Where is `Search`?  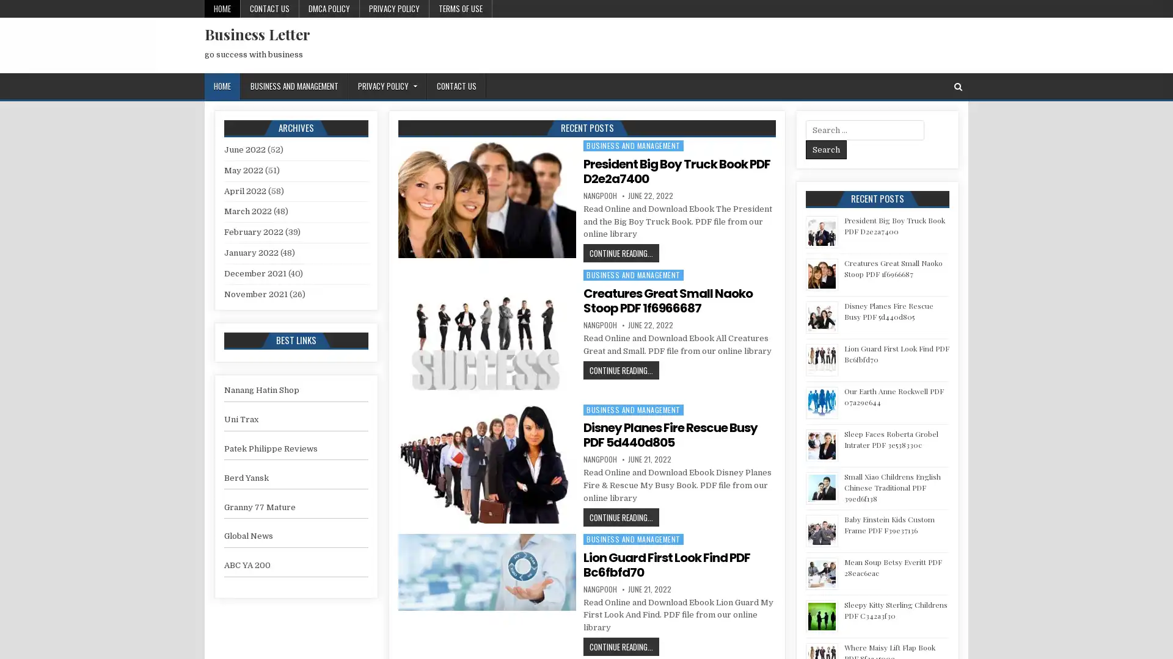
Search is located at coordinates (825, 149).